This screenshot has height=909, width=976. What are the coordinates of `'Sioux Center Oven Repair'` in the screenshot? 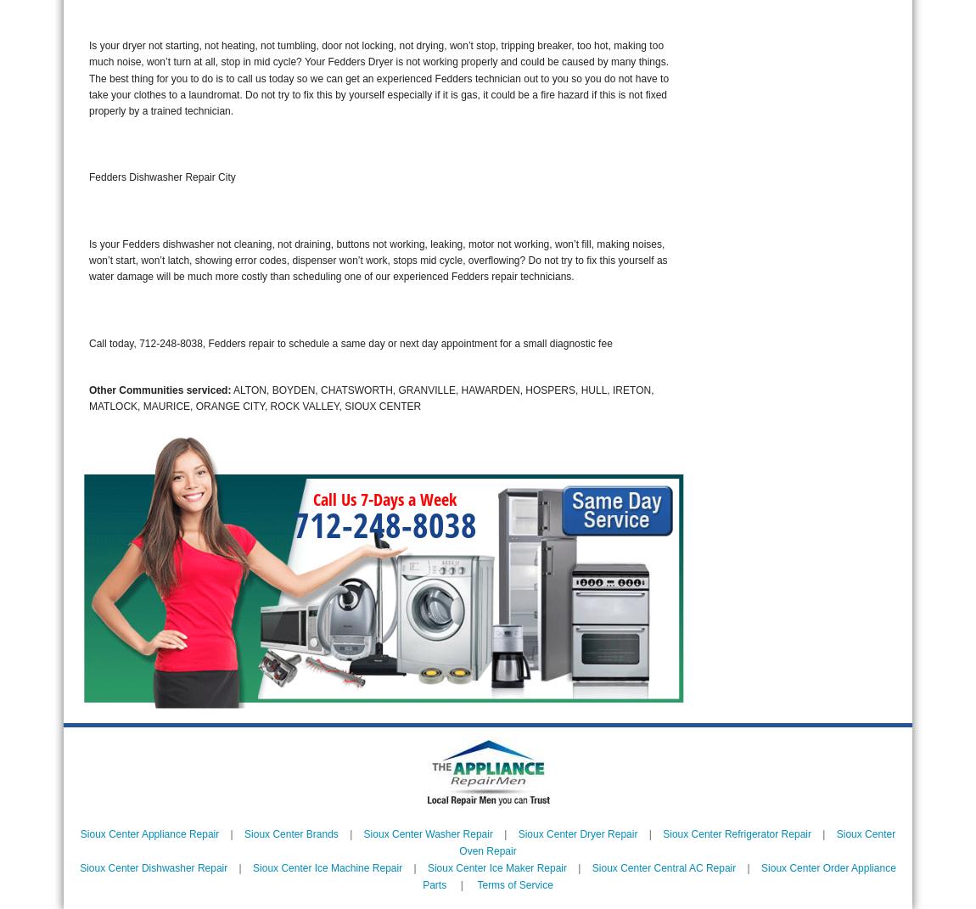 It's located at (676, 840).